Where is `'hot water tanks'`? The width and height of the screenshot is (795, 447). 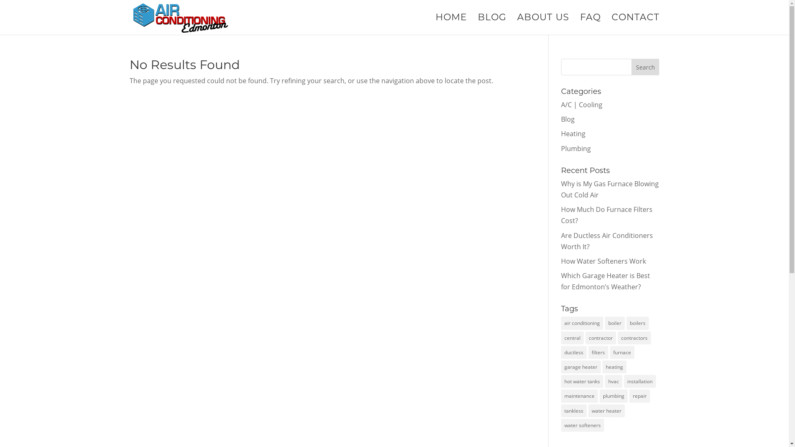 'hot water tanks' is located at coordinates (561, 381).